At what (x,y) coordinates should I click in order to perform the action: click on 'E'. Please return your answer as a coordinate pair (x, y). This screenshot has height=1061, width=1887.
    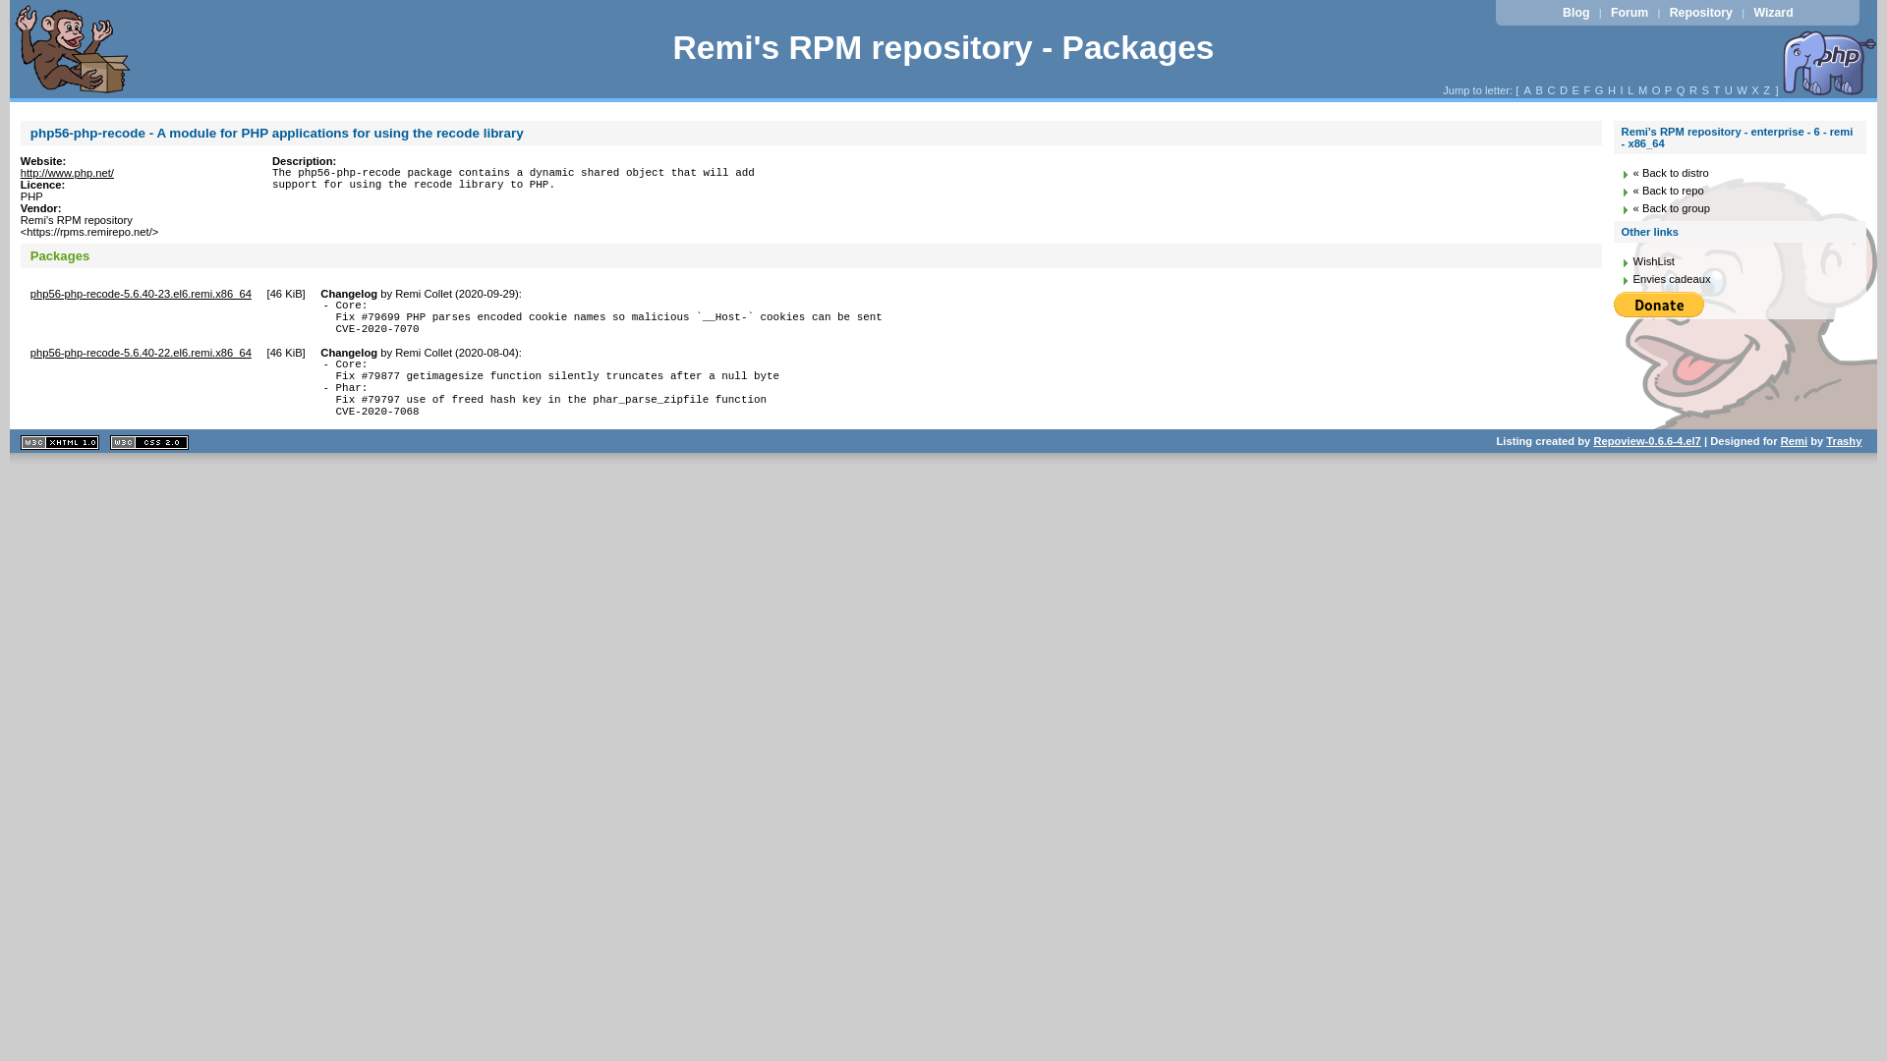
    Looking at the image, I should click on (1575, 90).